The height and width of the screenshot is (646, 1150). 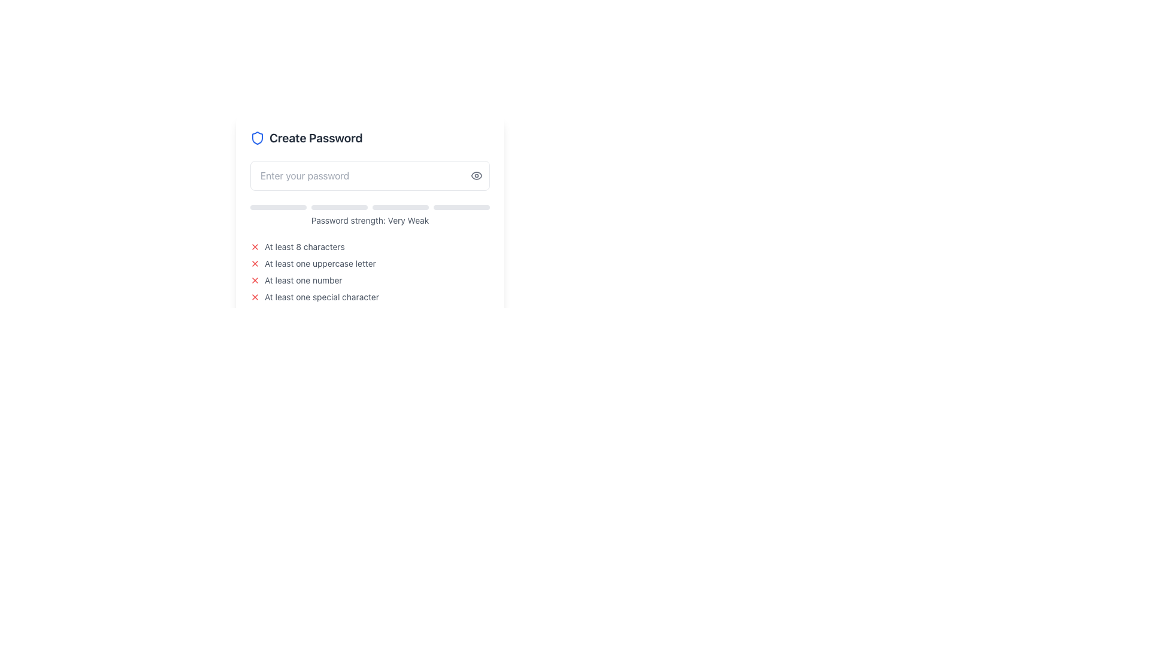 I want to click on the text indicating the requirement for at least one special character in the password, which is the last item in a vertically stacked list of password requirements, so click(x=370, y=297).